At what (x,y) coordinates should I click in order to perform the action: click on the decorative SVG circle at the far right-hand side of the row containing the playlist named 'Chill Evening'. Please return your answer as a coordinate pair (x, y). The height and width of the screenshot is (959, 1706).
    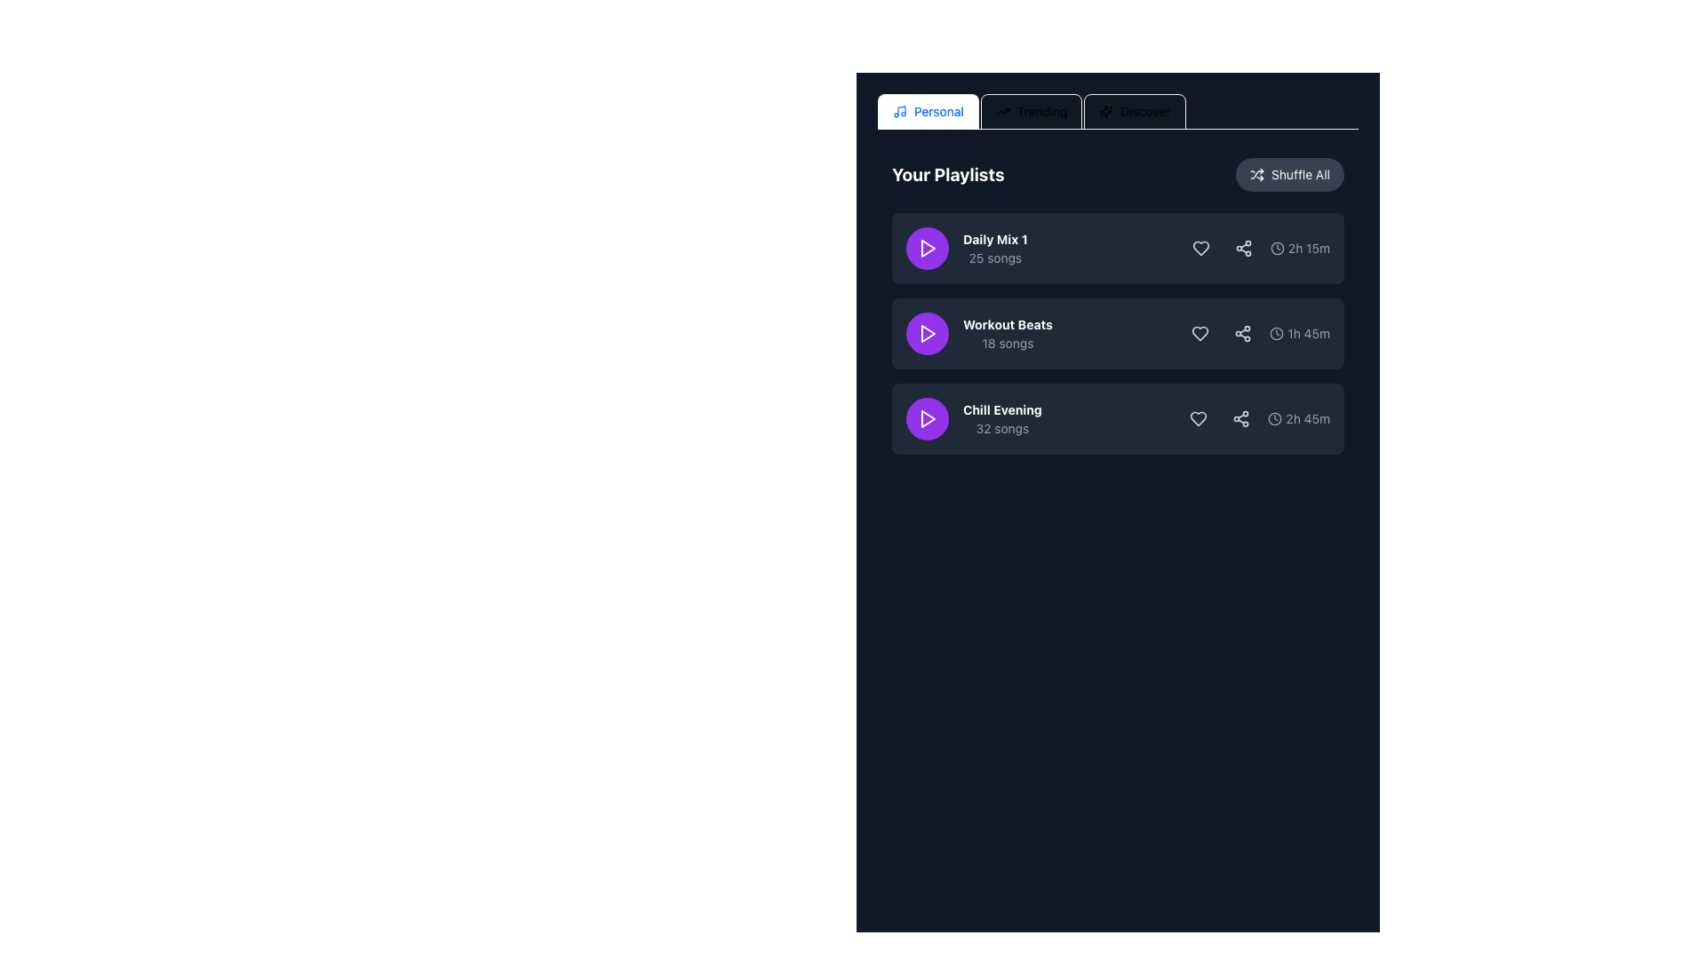
    Looking at the image, I should click on (1274, 418).